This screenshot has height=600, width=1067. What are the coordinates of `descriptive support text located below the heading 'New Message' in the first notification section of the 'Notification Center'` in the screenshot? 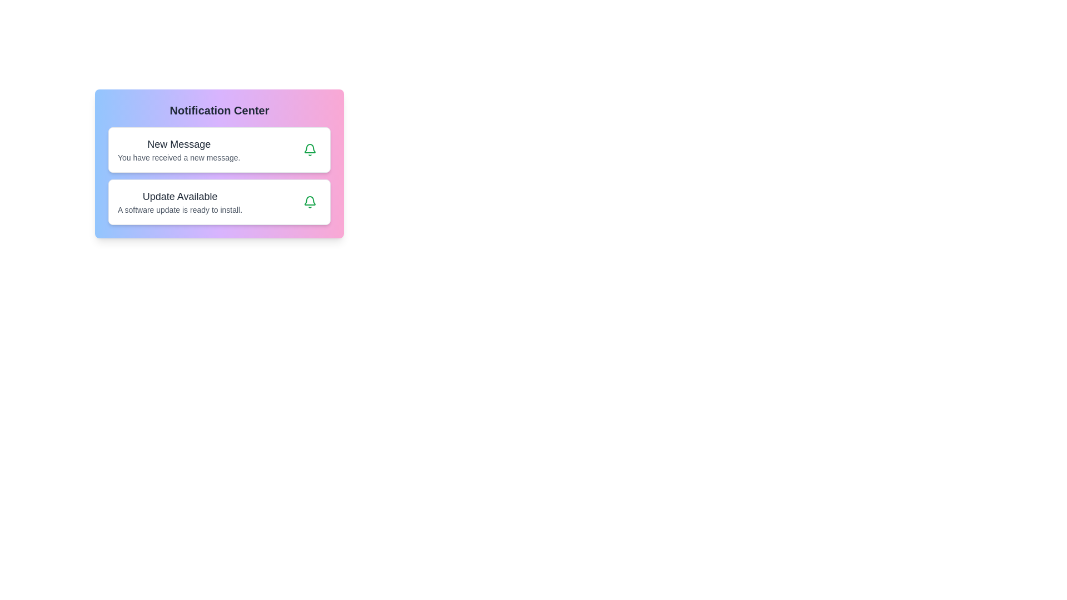 It's located at (179, 158).